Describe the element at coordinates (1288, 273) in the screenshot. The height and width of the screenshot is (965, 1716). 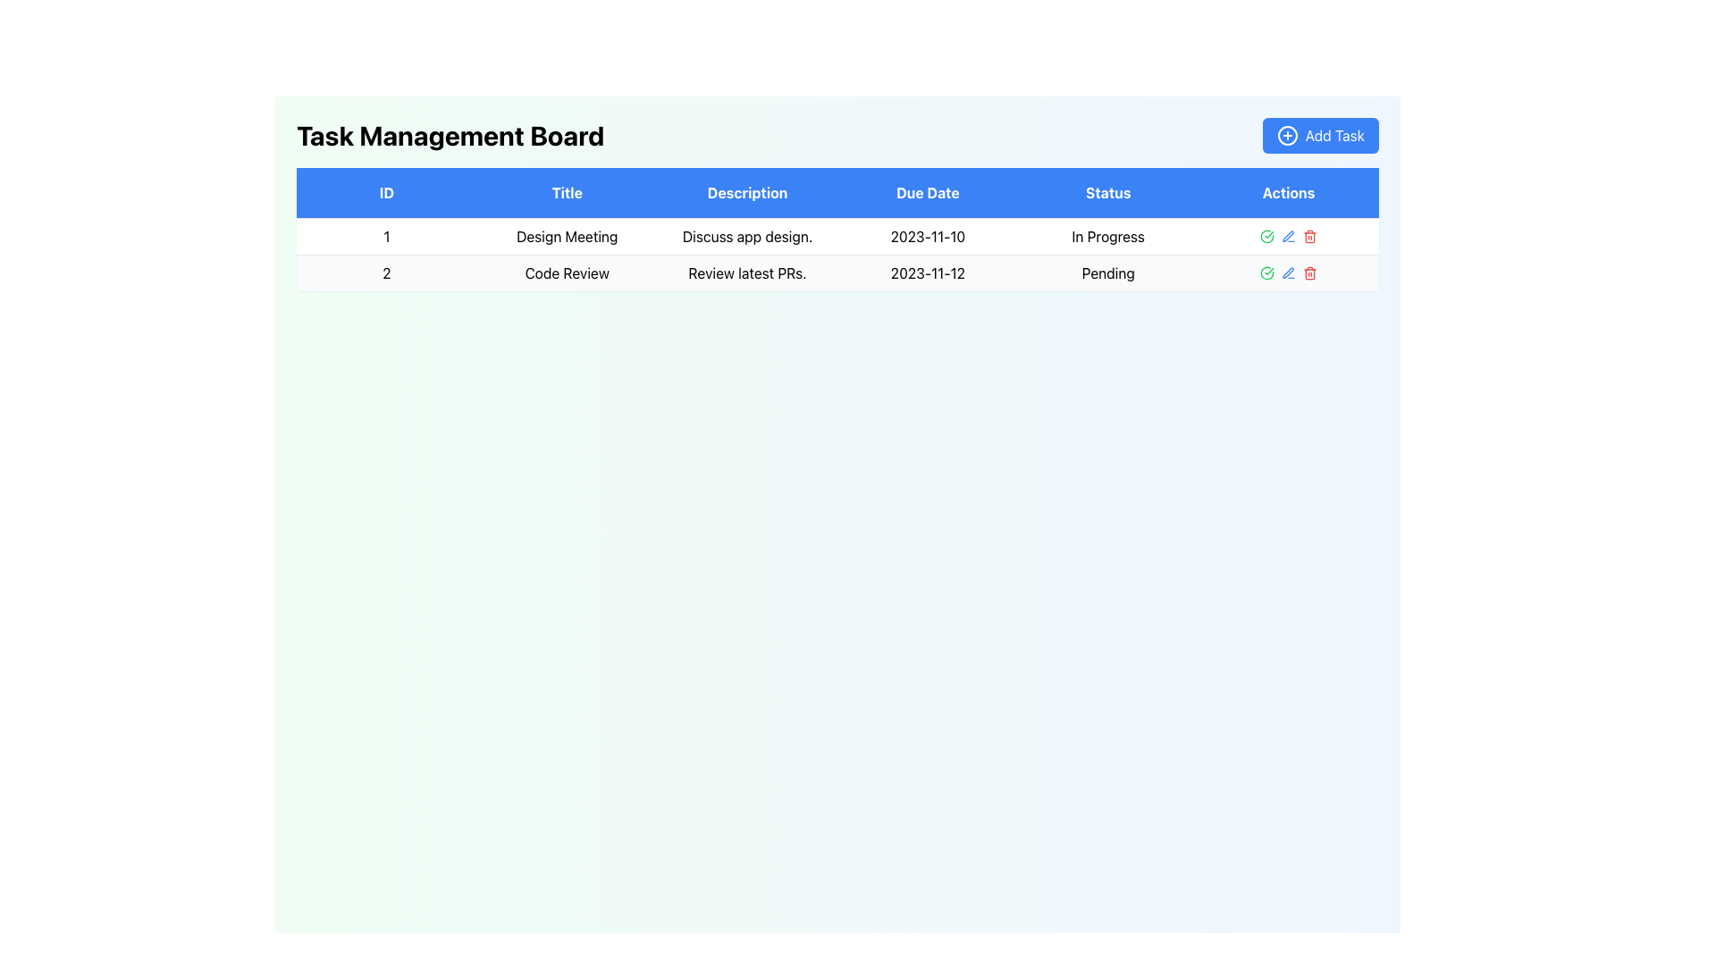
I see `the edit icon located in the 'Actions' column for the second row of the table` at that location.